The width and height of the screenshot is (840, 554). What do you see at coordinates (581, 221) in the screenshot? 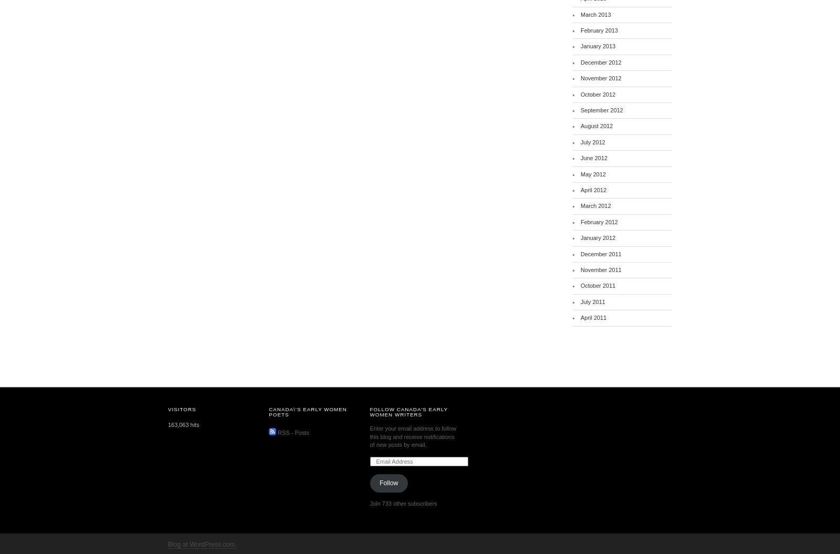
I see `'February 2012'` at bounding box center [581, 221].